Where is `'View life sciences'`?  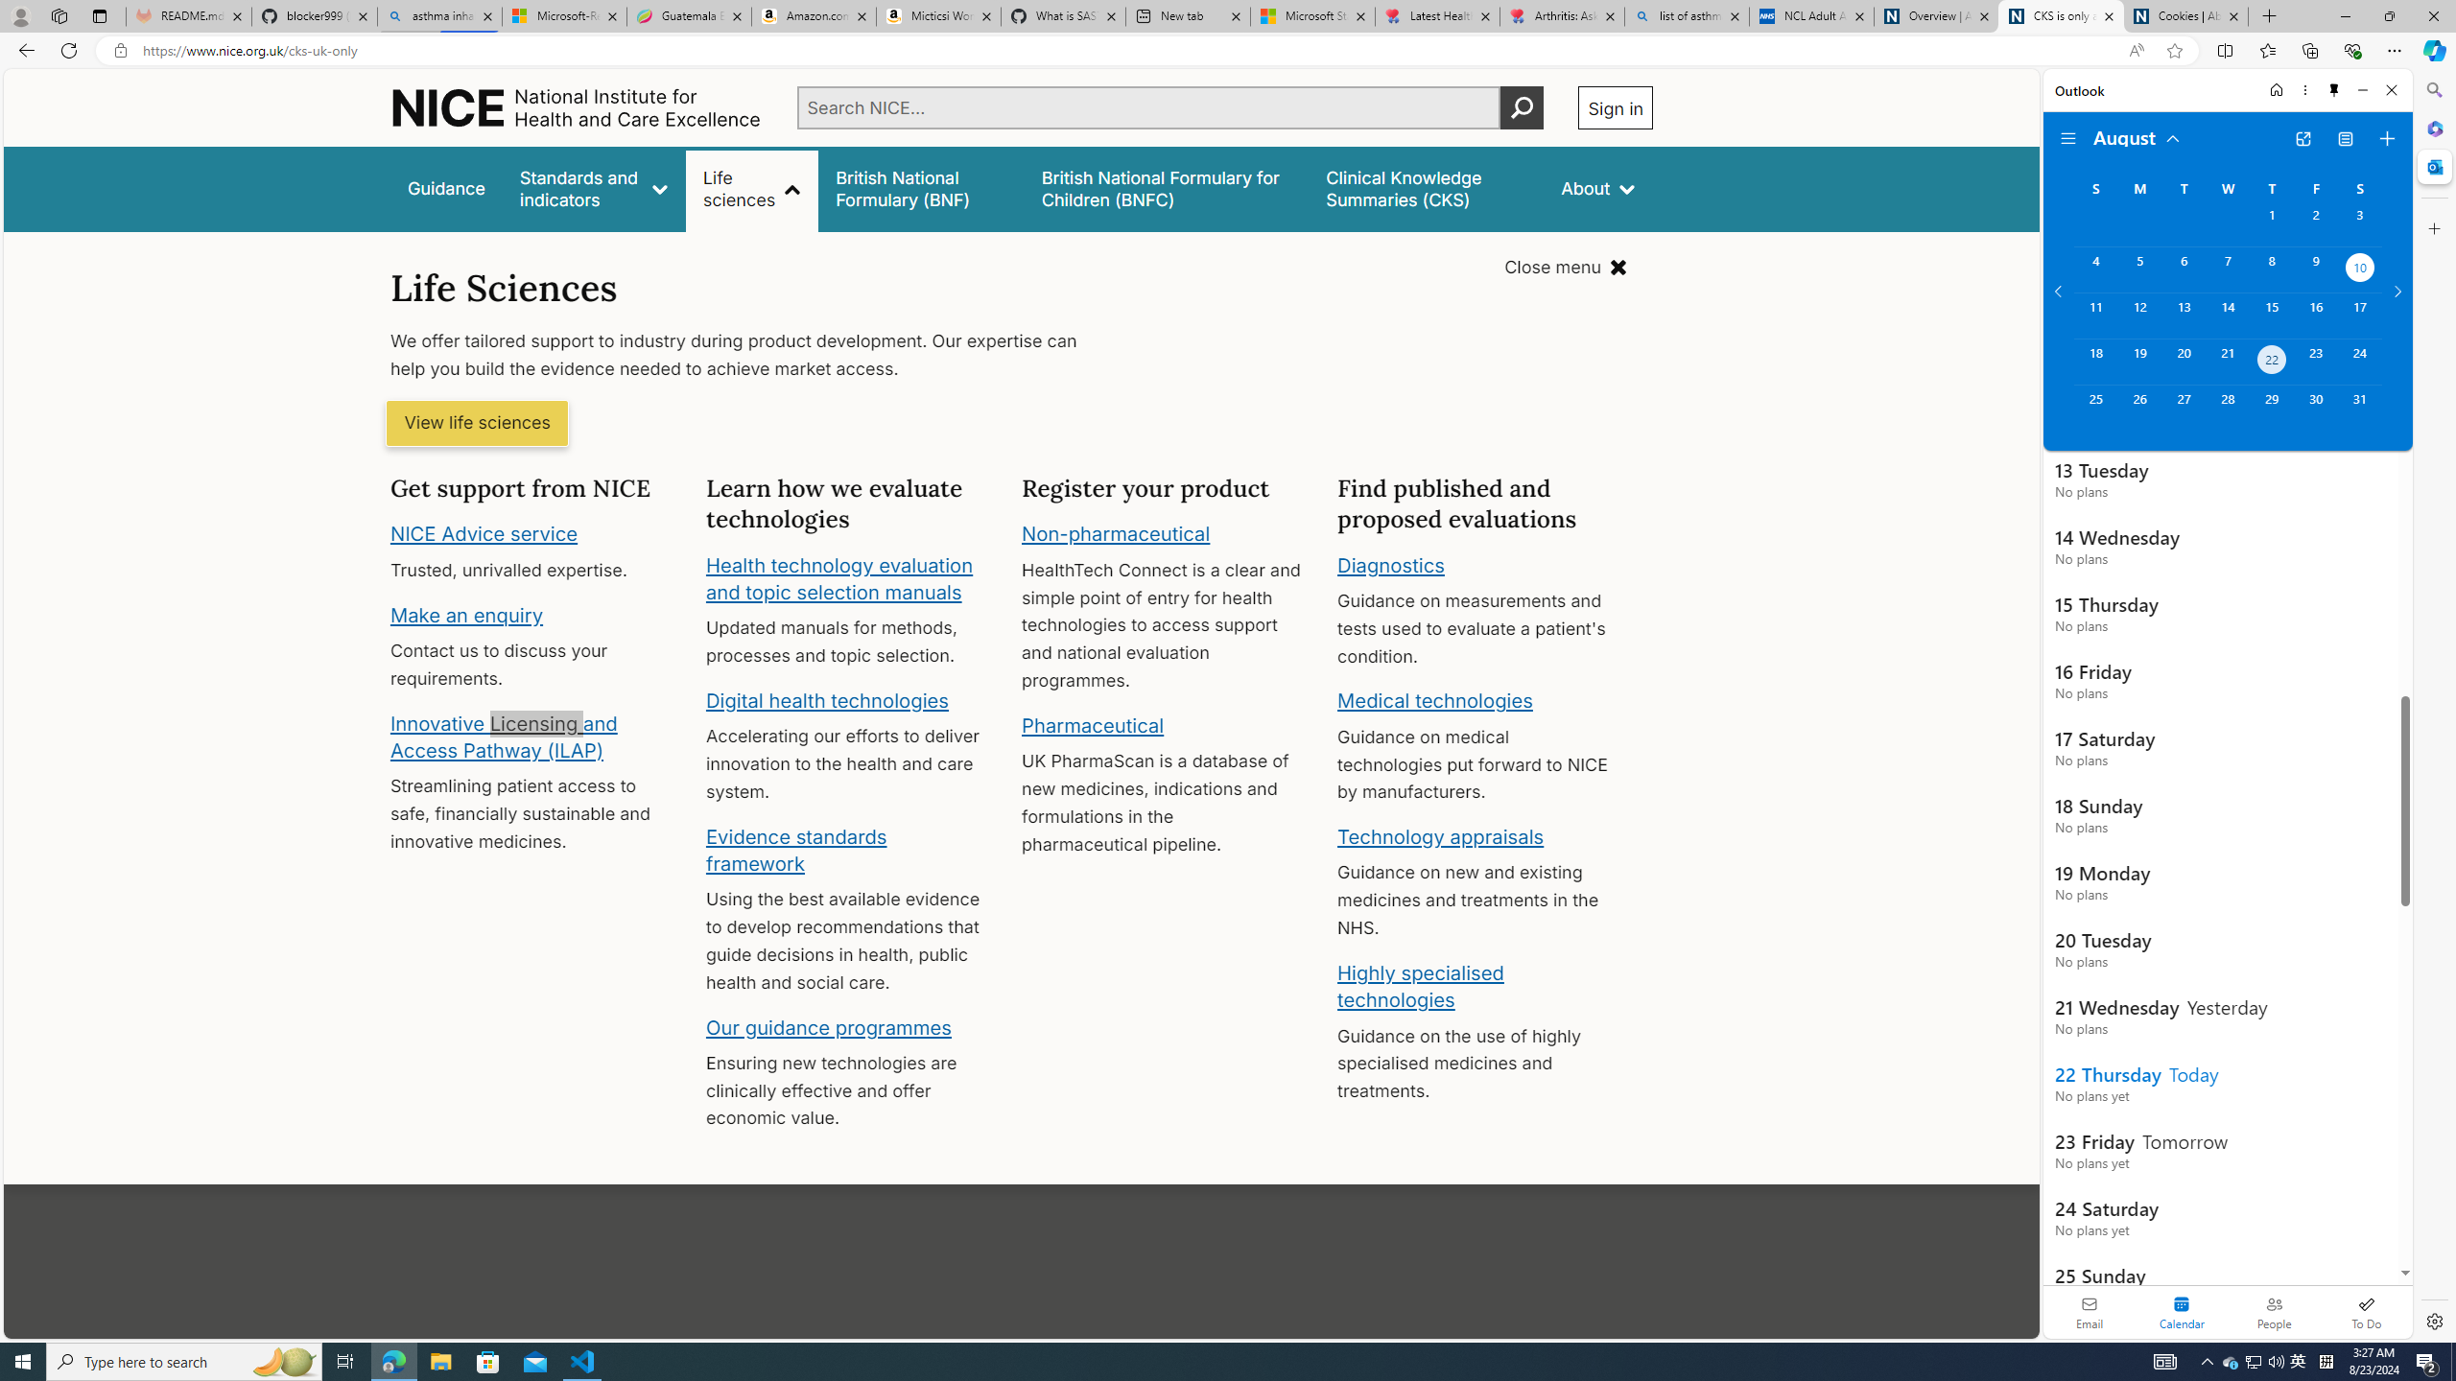 'View life sciences' is located at coordinates (477, 423).